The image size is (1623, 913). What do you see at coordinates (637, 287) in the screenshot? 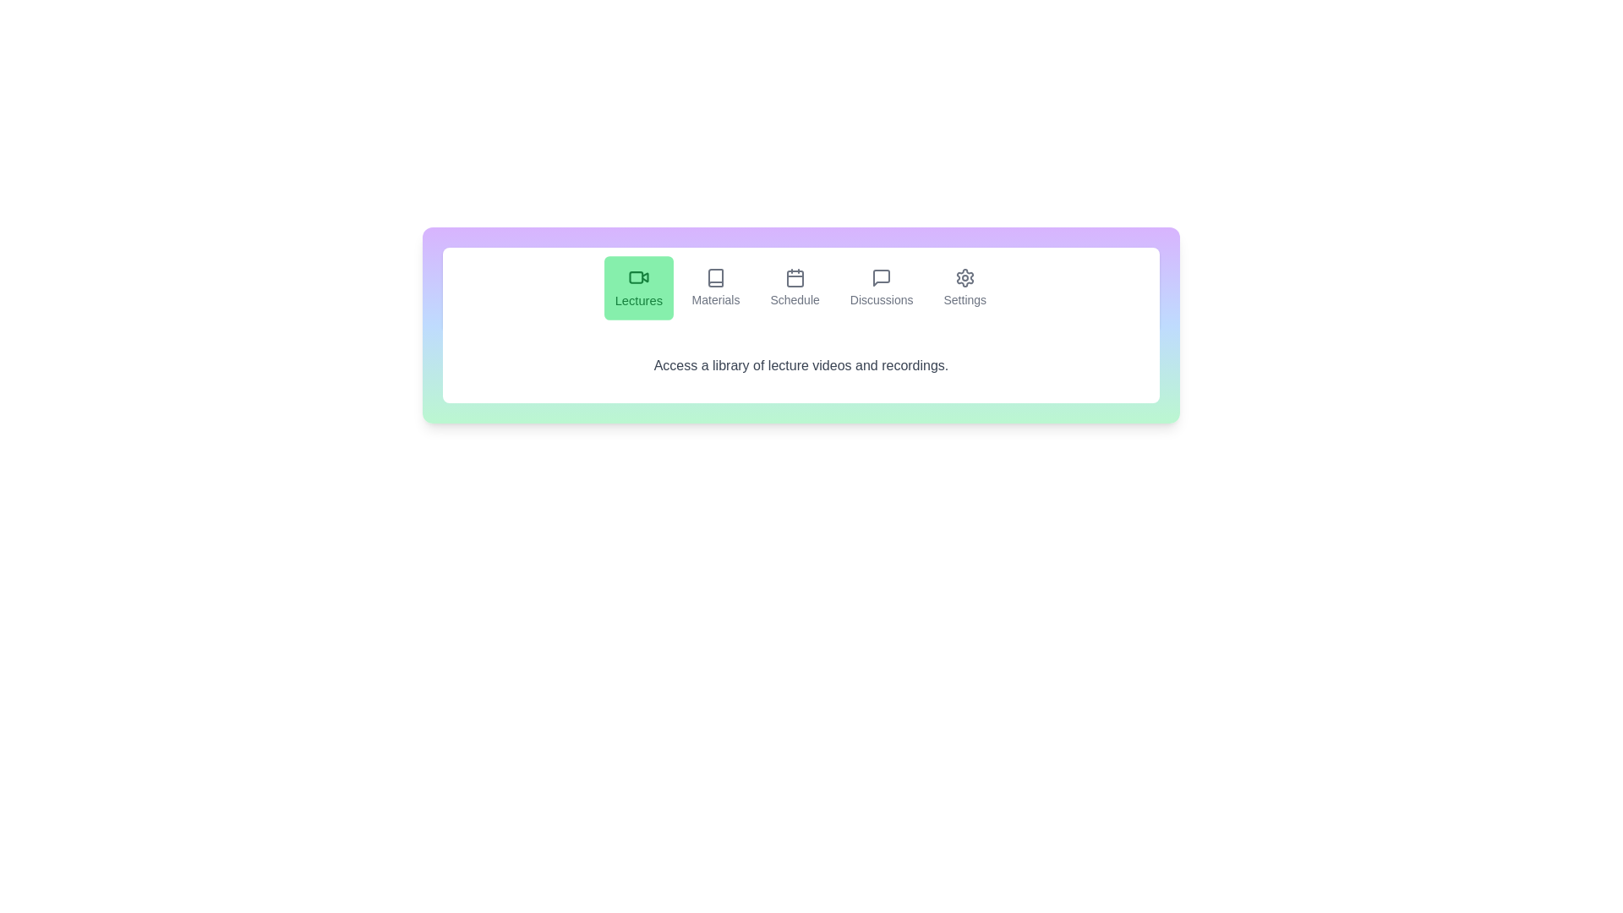
I see `the 'Lectures' tab to interact with it` at bounding box center [637, 287].